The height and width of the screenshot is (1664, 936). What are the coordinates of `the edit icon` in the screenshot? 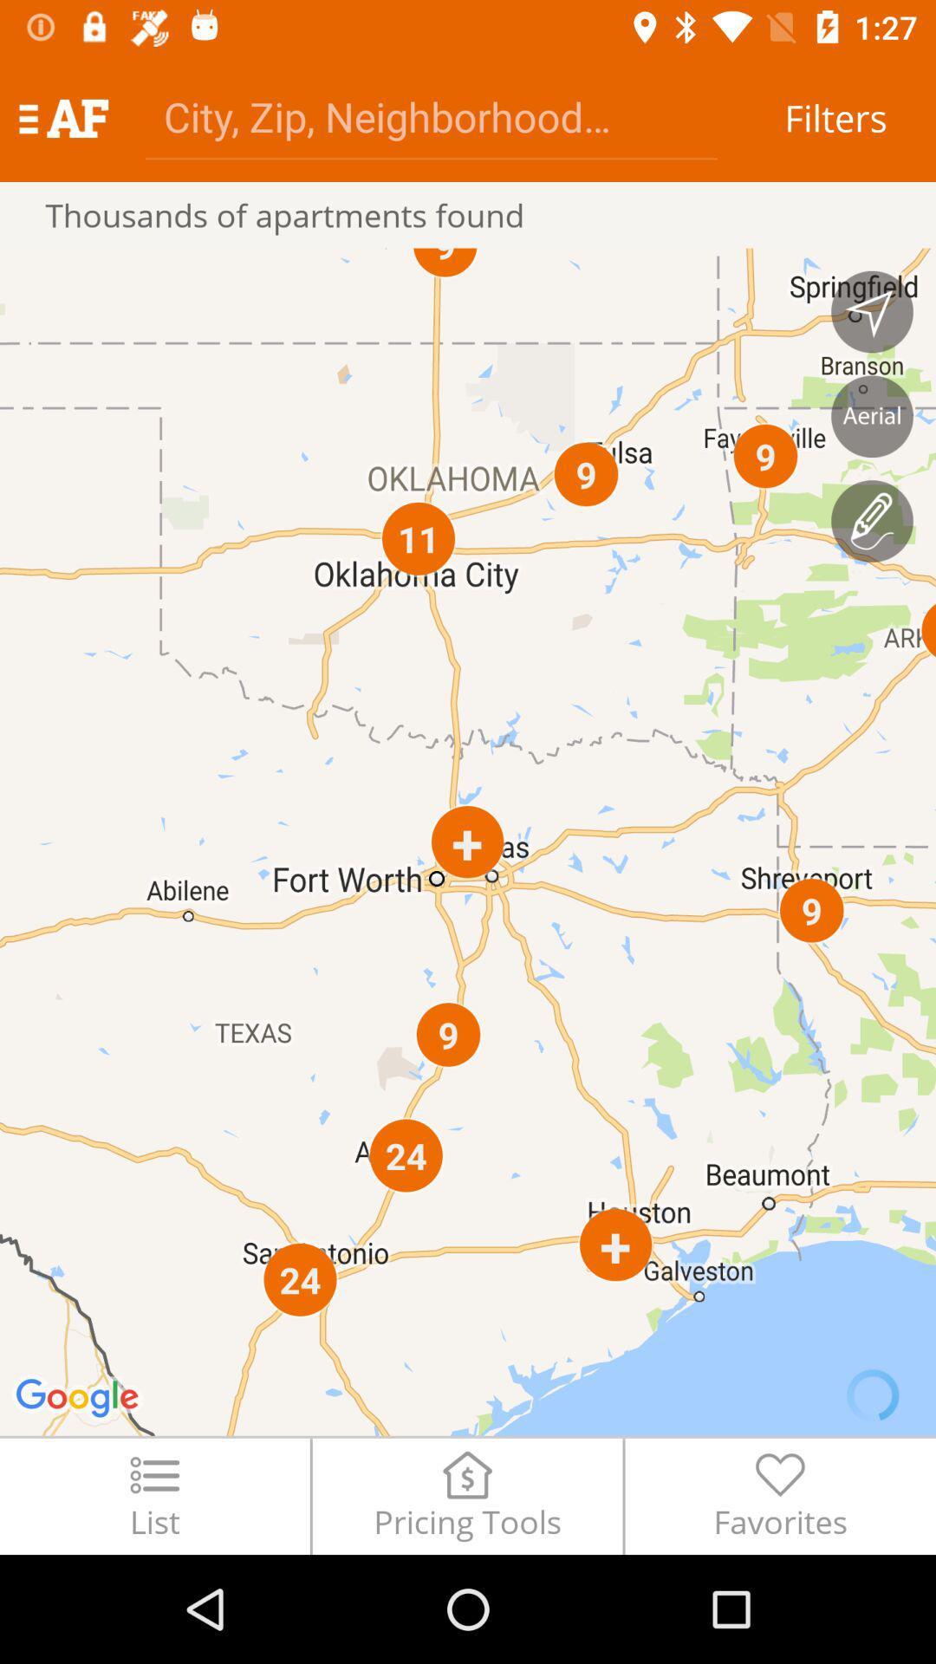 It's located at (872, 520).